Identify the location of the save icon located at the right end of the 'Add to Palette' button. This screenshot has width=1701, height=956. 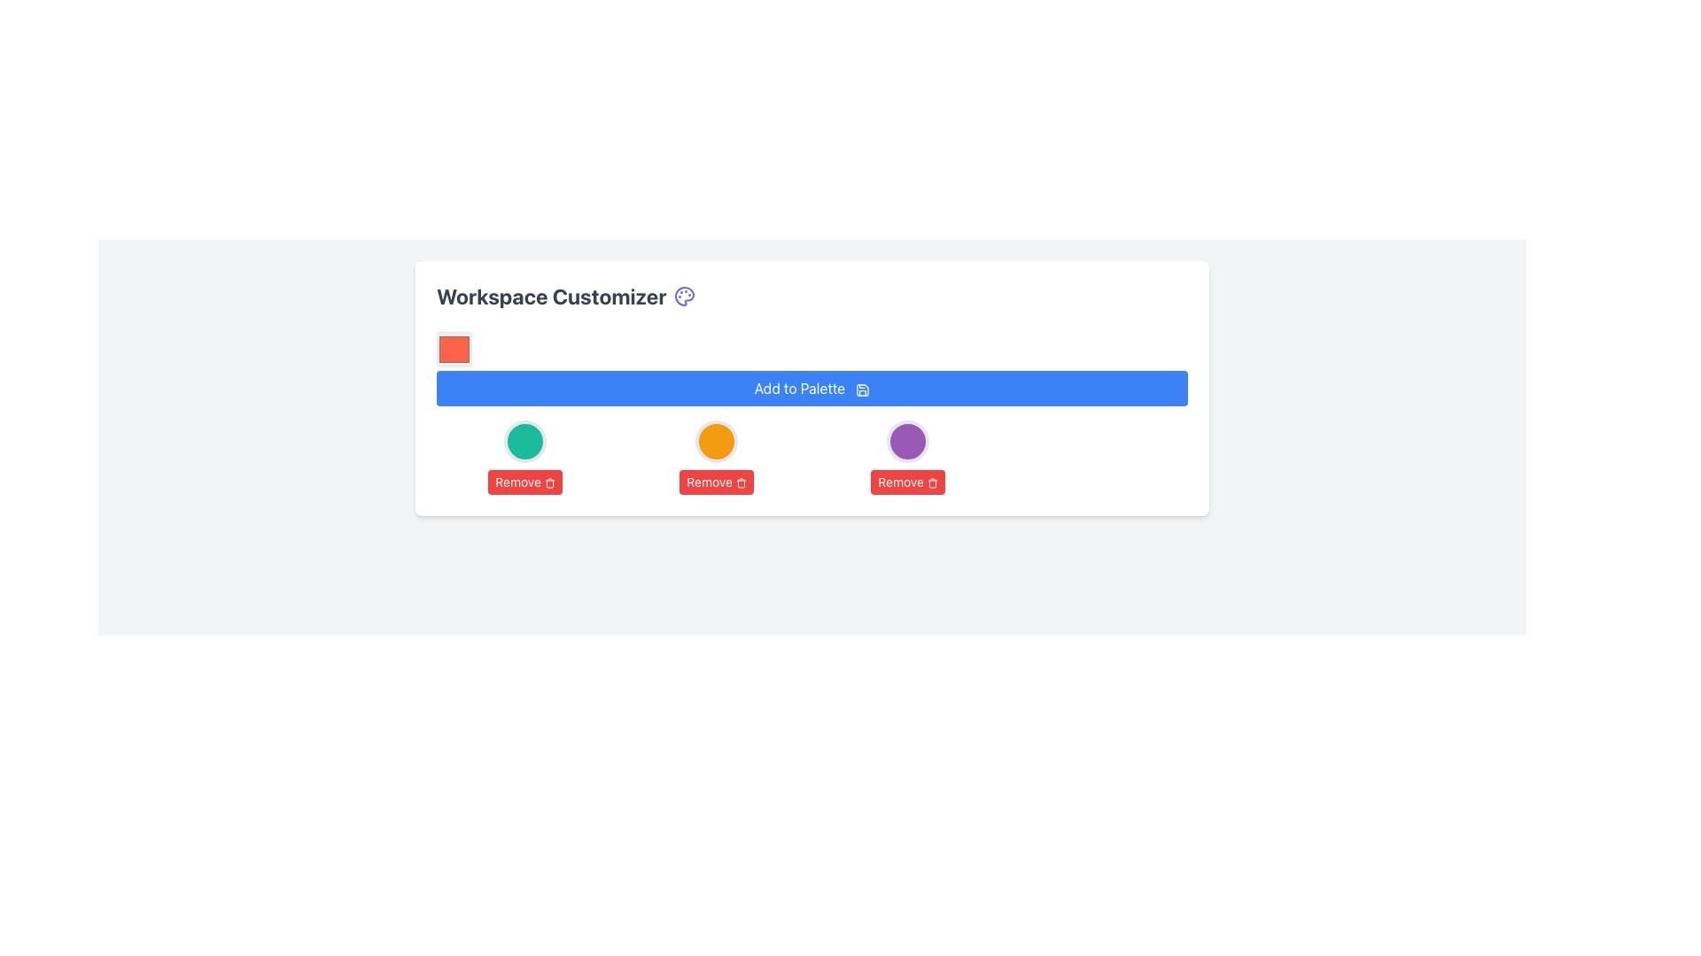
(863, 389).